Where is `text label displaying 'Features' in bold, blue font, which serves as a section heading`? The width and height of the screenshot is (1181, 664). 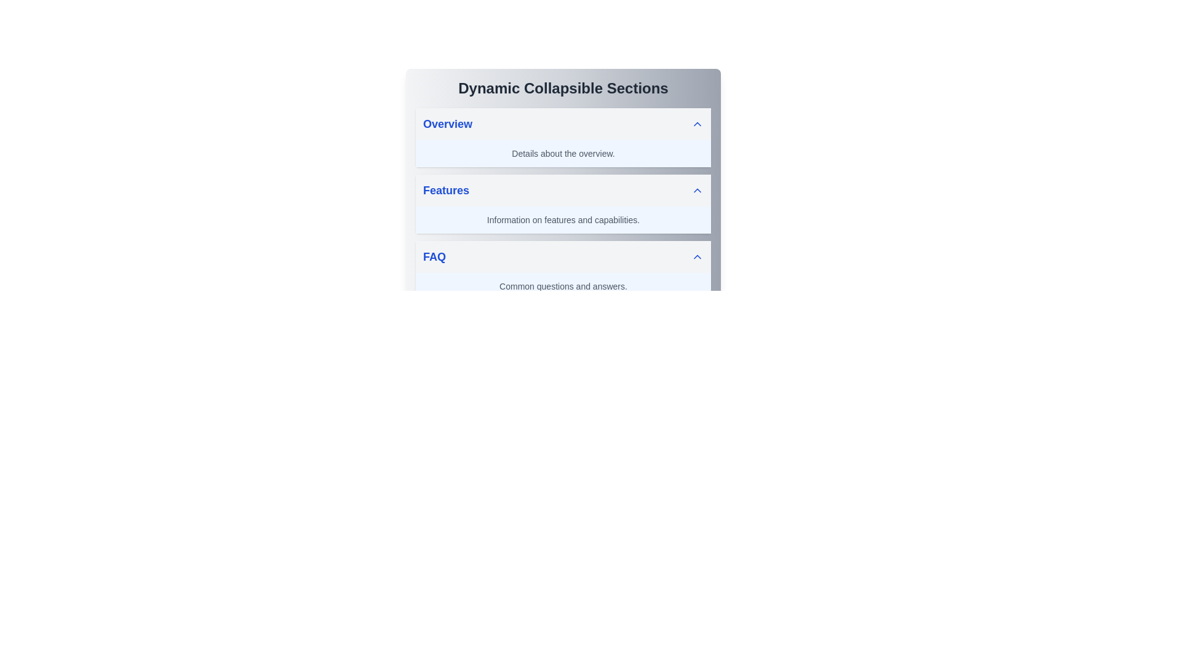
text label displaying 'Features' in bold, blue font, which serves as a section heading is located at coordinates (445, 190).